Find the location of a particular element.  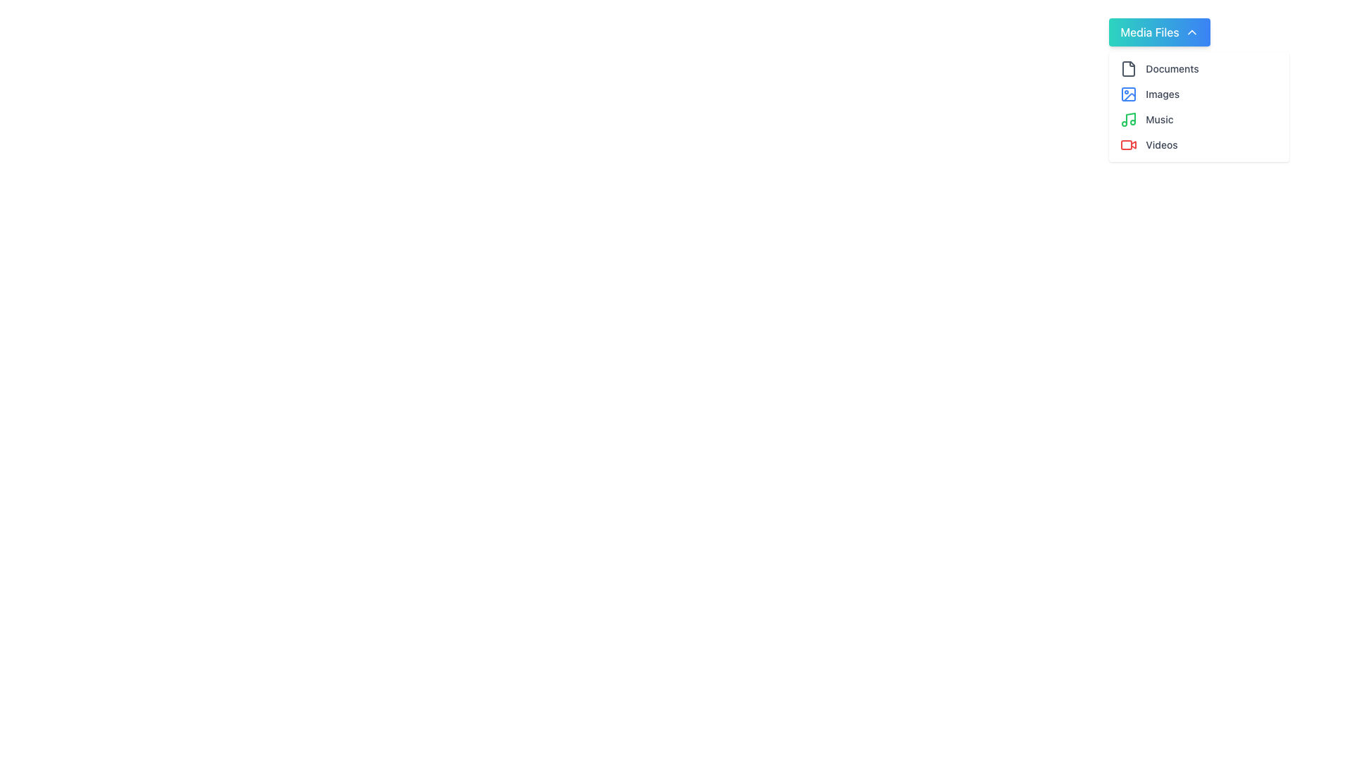

the 'Music' text label, which is styled in a small gray font and located within the dropdown menu under 'Media Files' is located at coordinates (1159, 118).